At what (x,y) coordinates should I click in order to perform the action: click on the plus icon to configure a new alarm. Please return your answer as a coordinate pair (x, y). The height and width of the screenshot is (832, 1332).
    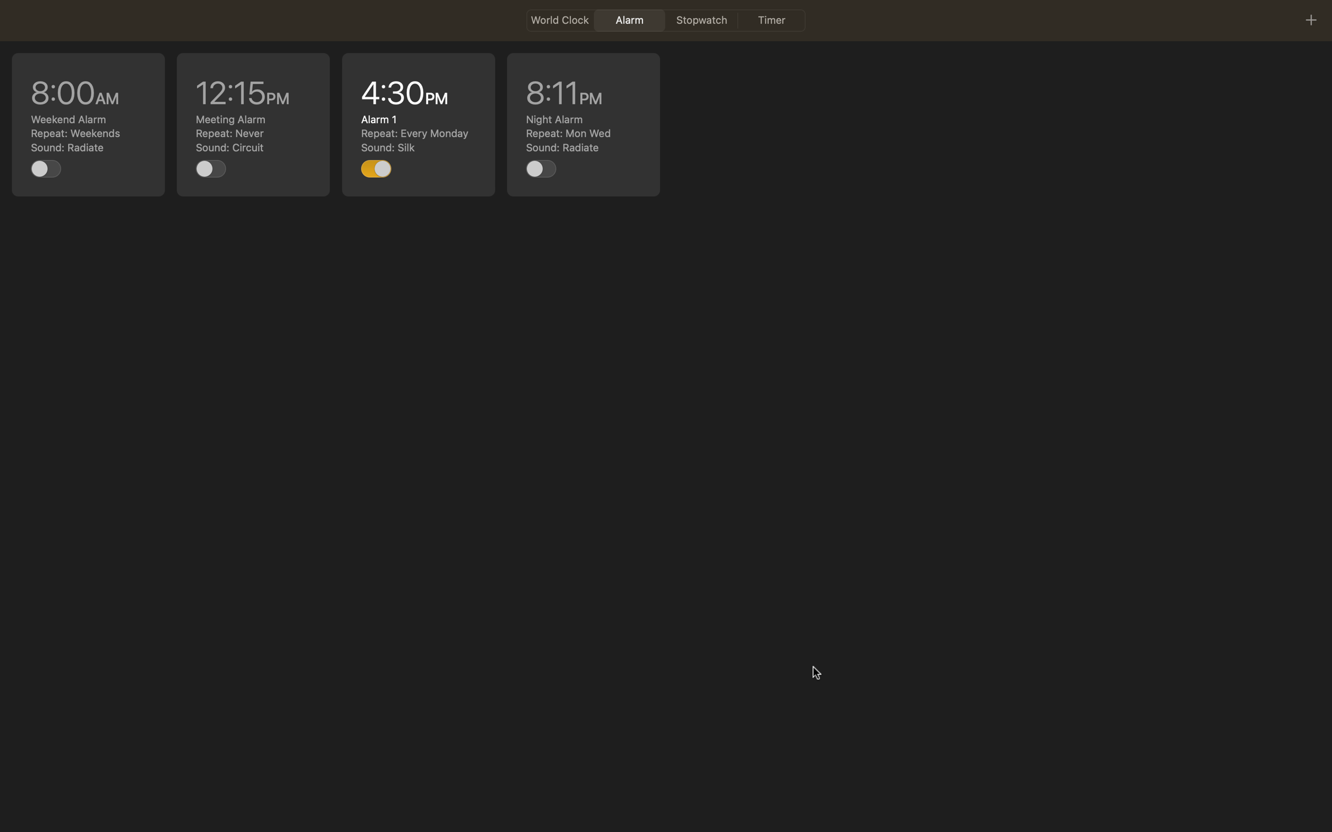
    Looking at the image, I should click on (1310, 19).